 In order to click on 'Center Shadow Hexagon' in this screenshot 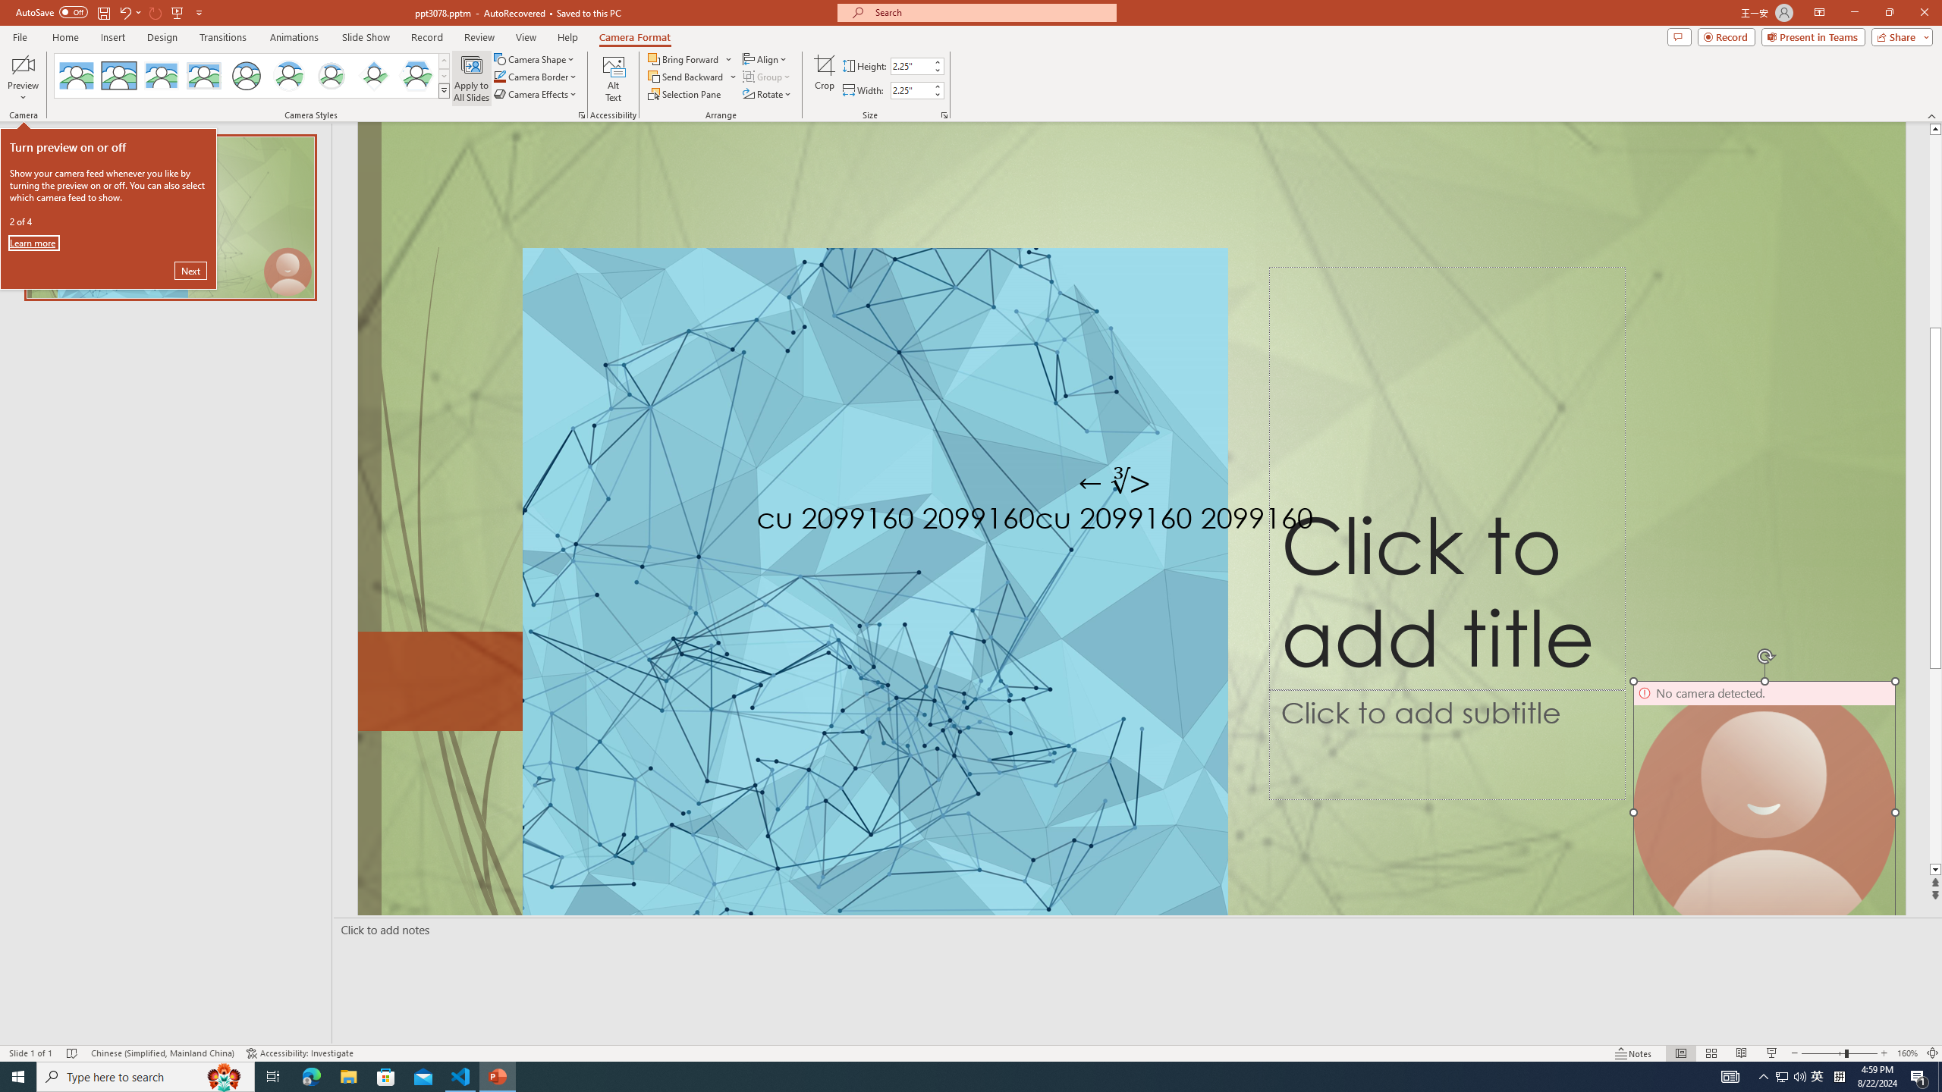, I will do `click(416, 75)`.